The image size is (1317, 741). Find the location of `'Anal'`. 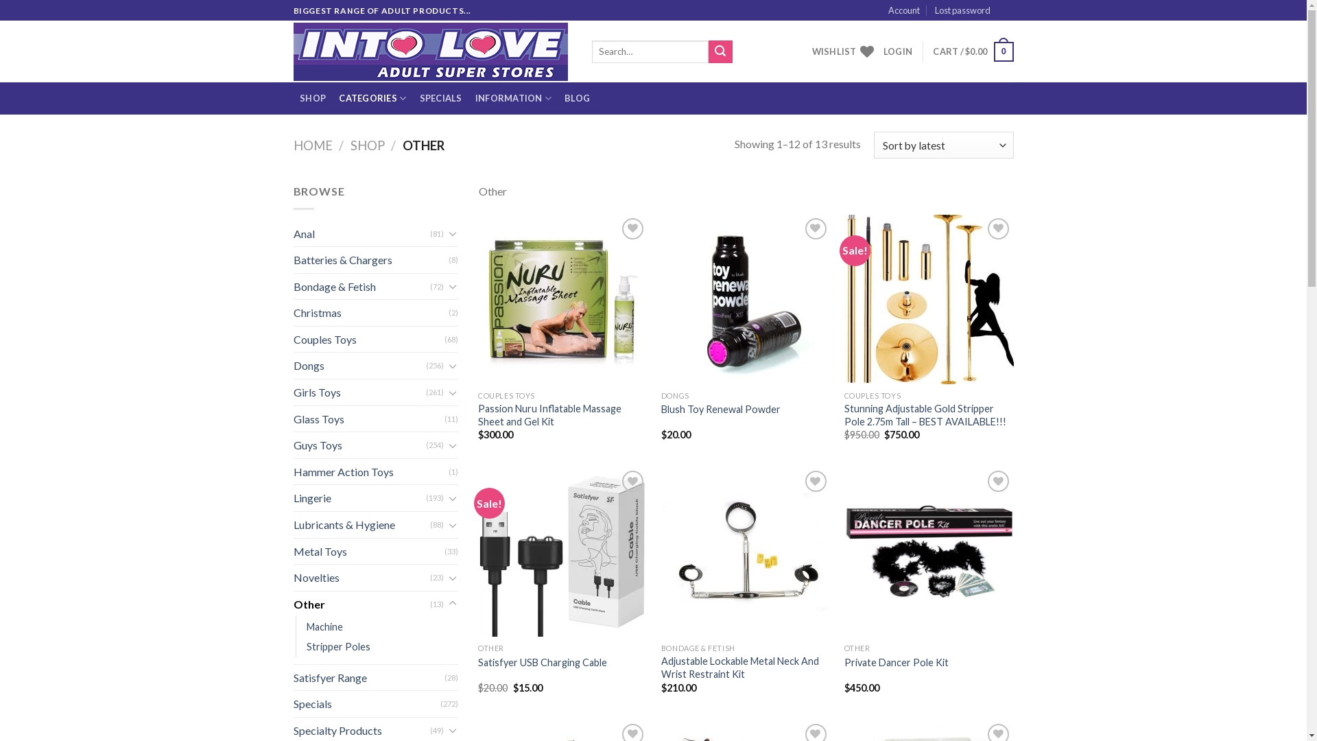

'Anal' is located at coordinates (361, 233).